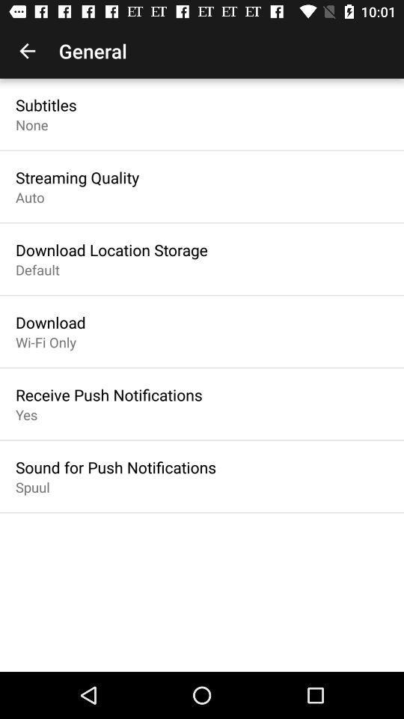  I want to click on the icon below sound for push item, so click(32, 486).